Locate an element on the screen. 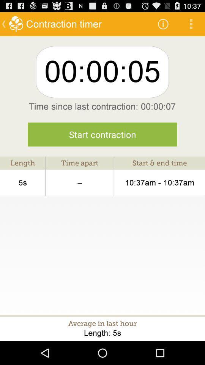  icon to the left of the start & end time icon is located at coordinates (79, 182).